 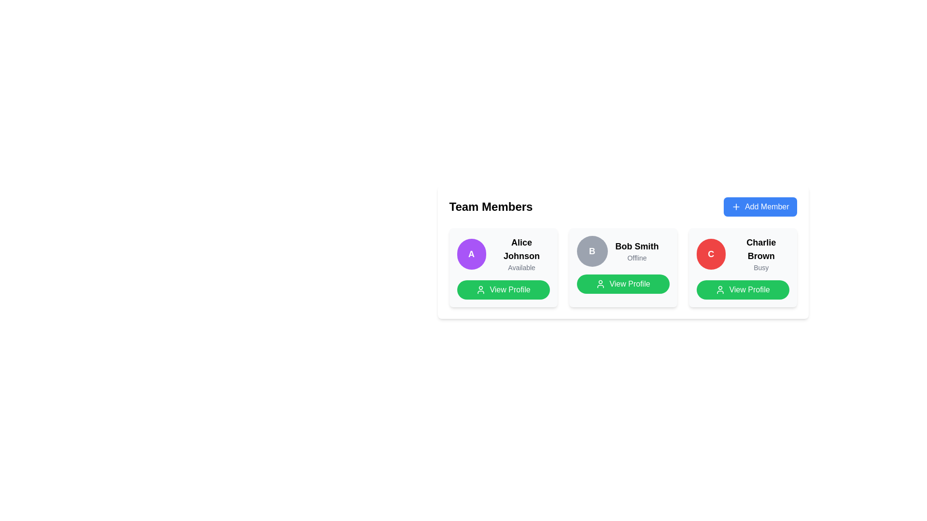 What do you see at coordinates (591, 250) in the screenshot?
I see `the circular avatar with a grey background containing the letter 'B' in white, bold text, positioned to the left of 'Bob Smith' and 'Offline'` at bounding box center [591, 250].